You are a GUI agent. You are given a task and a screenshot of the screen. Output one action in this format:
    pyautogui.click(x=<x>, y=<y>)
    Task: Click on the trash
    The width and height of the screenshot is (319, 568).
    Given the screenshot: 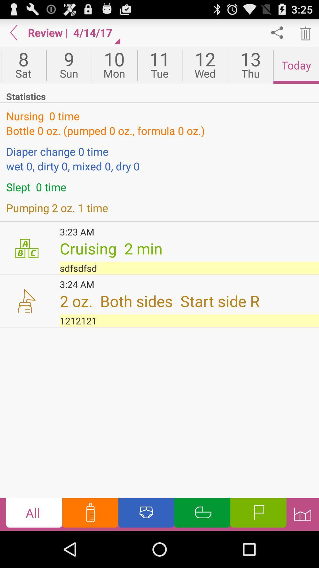 What is the action you would take?
    pyautogui.click(x=305, y=32)
    